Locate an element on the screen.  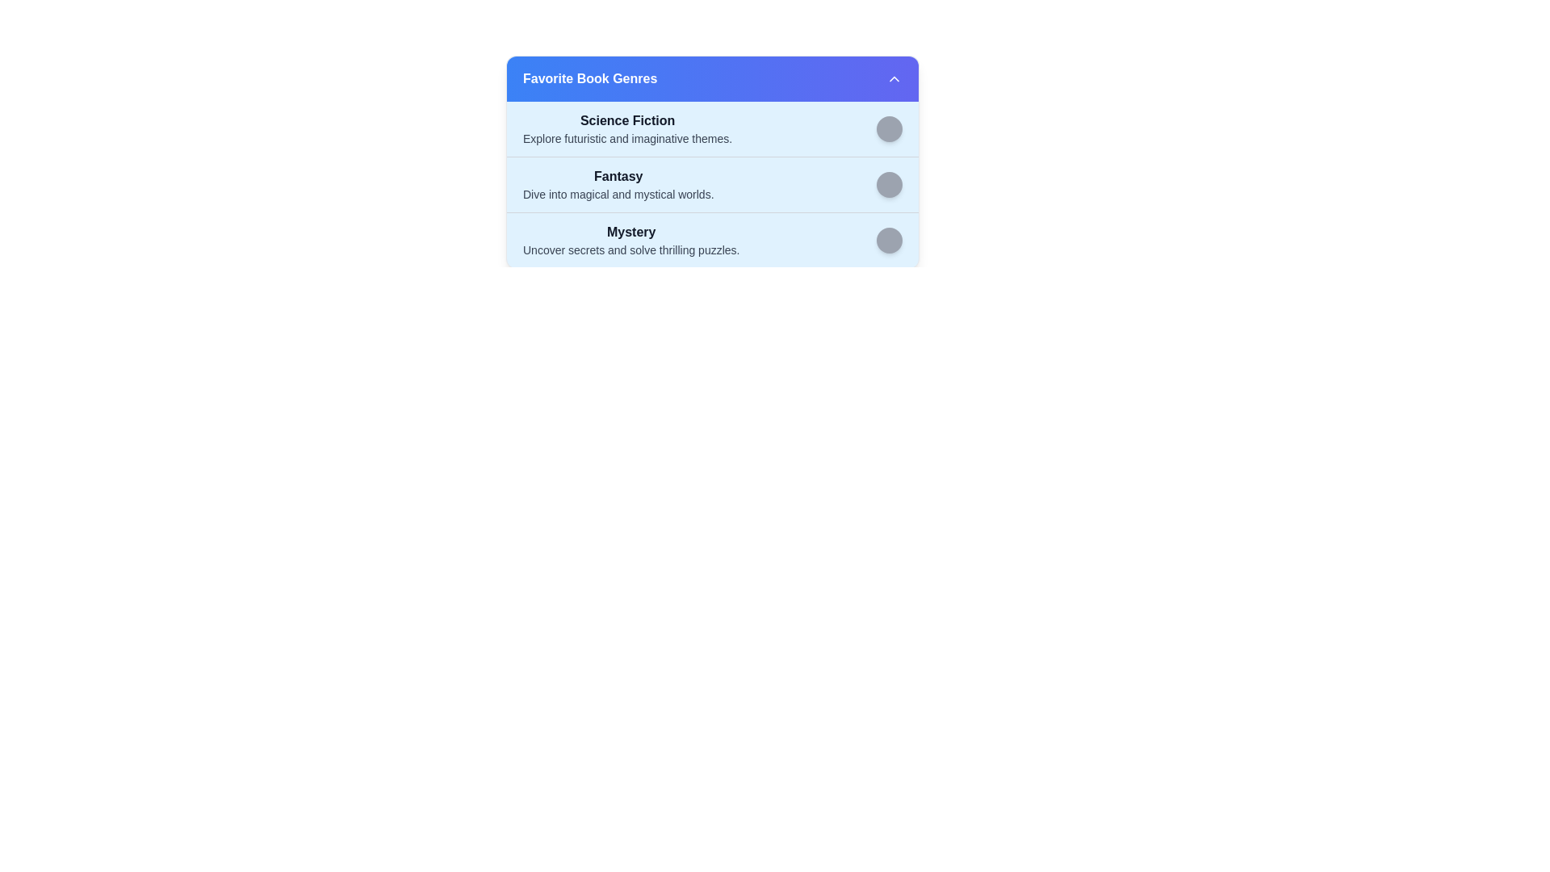
bolded text label displaying 'Fantasy' on a light blue background, which is the upper text of a two-line section in a vertical list is located at coordinates (618, 177).